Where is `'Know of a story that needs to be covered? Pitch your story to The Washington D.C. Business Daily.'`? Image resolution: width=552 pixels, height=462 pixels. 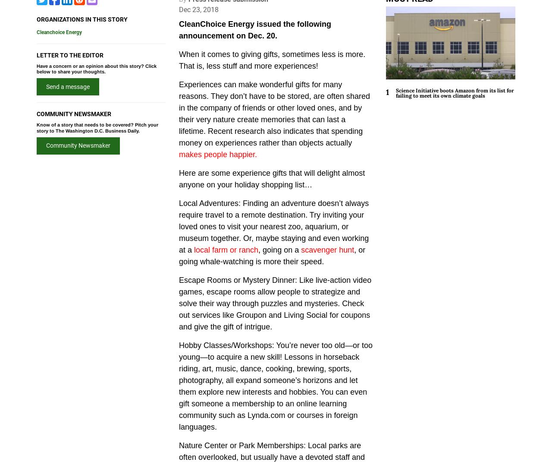 'Know of a story that needs to be covered? Pitch your story to The Washington D.C. Business Daily.' is located at coordinates (97, 127).